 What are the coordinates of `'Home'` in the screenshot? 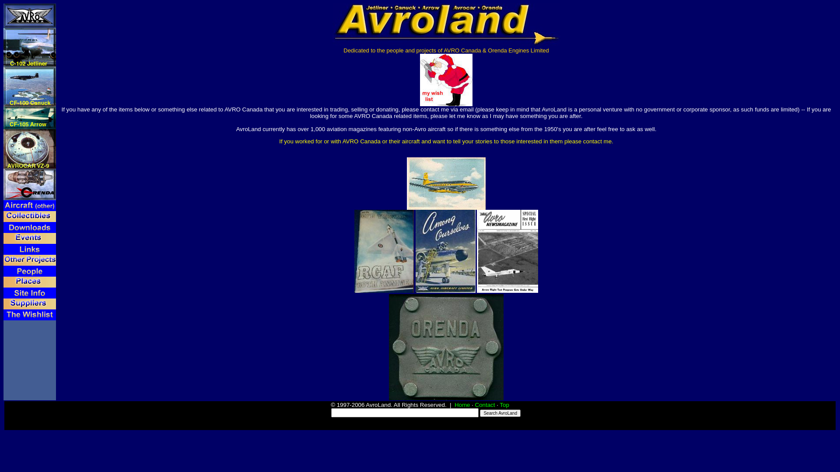 It's located at (454, 405).